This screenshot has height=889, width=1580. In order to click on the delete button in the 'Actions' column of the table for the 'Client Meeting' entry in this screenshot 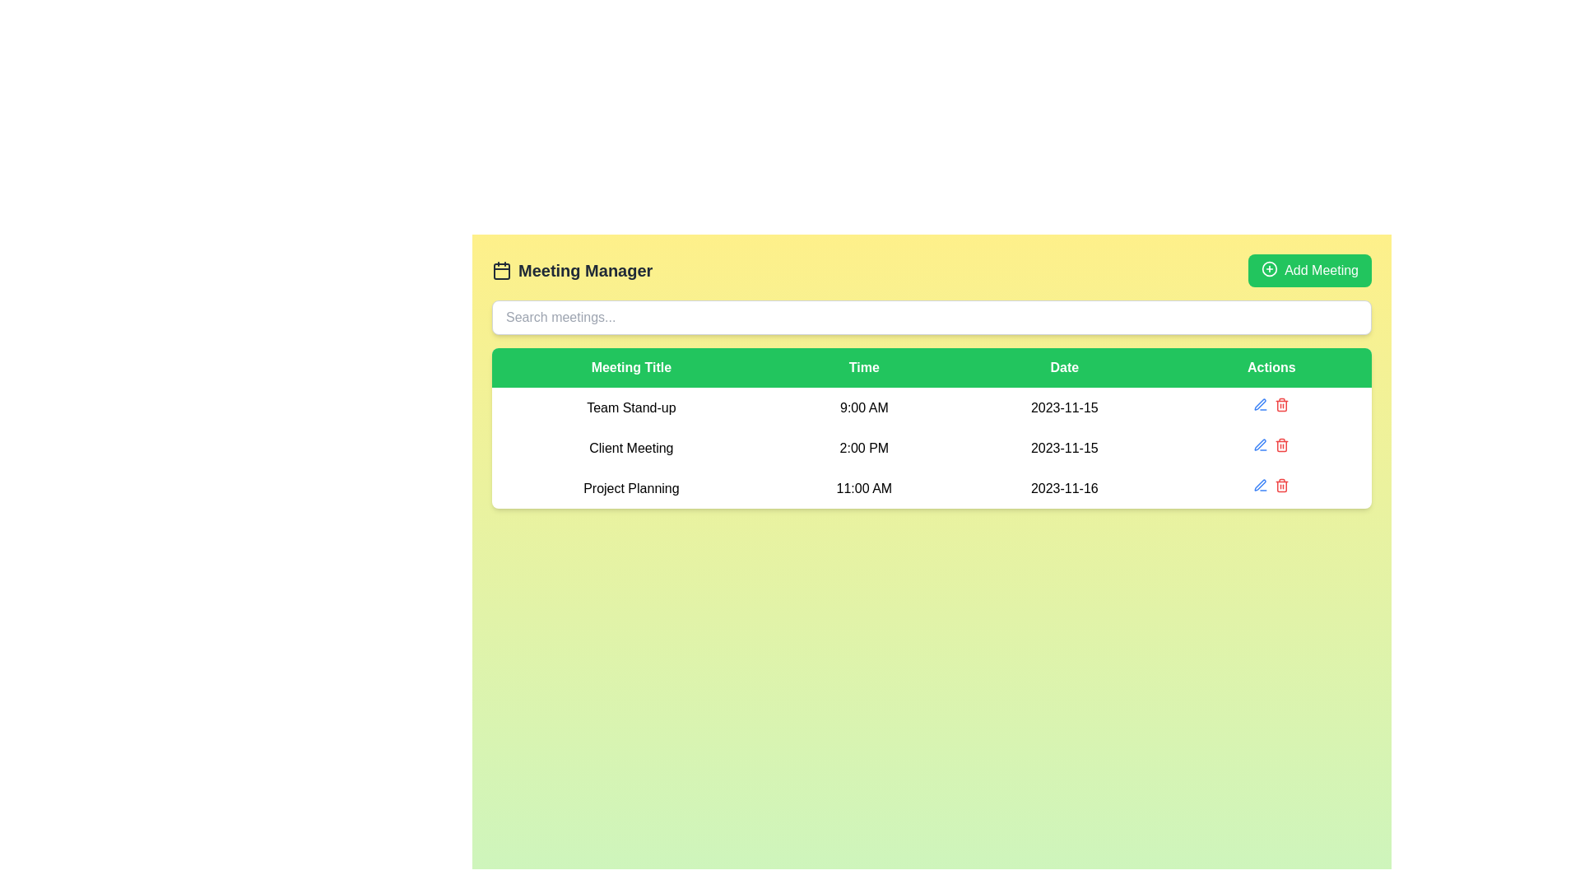, I will do `click(1281, 485)`.